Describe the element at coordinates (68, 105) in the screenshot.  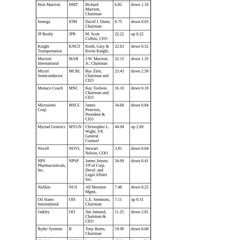
I see `'MSCC'` at that location.